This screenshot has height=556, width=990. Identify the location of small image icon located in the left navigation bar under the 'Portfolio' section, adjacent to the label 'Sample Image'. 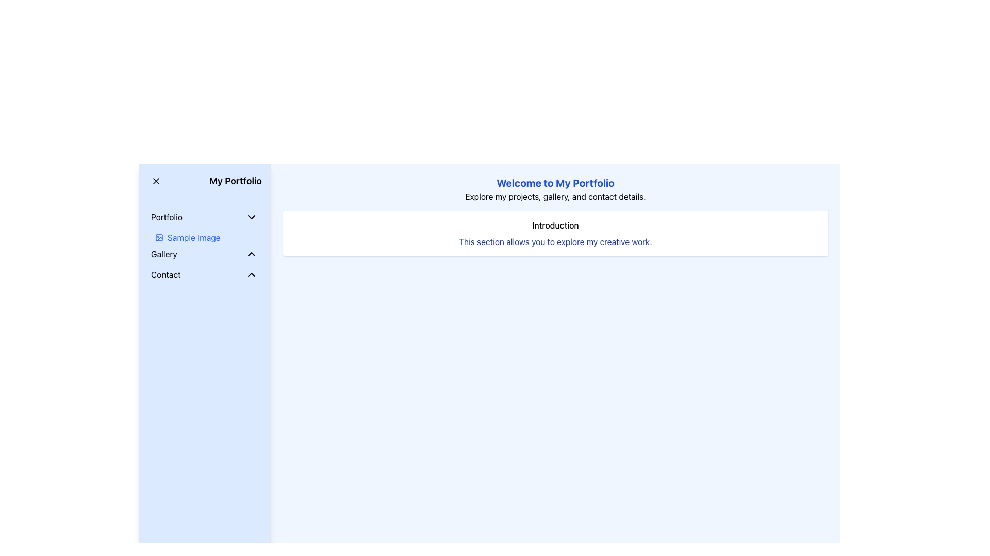
(158, 238).